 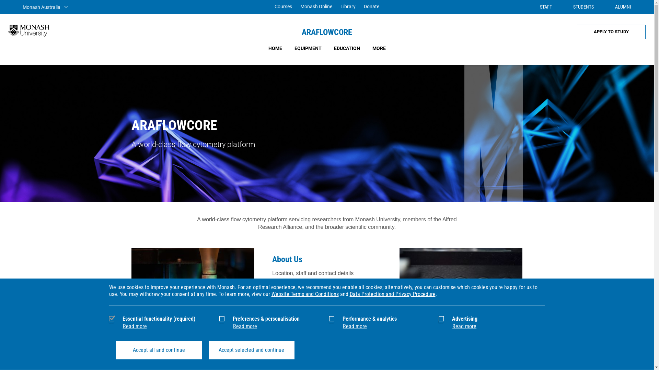 What do you see at coordinates (611, 32) in the screenshot?
I see `'APPLY TO STUDY'` at bounding box center [611, 32].